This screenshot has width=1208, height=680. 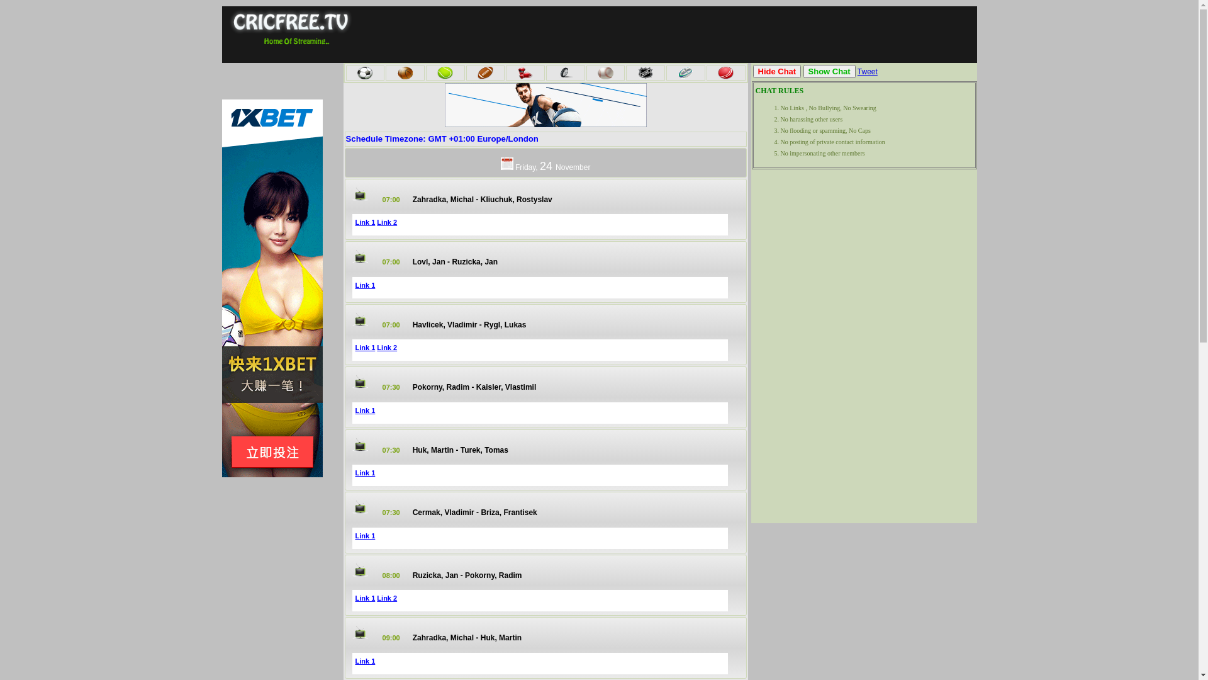 I want to click on 'Havlicek, Vladimir - Rygl, Lukas', so click(x=469, y=324).